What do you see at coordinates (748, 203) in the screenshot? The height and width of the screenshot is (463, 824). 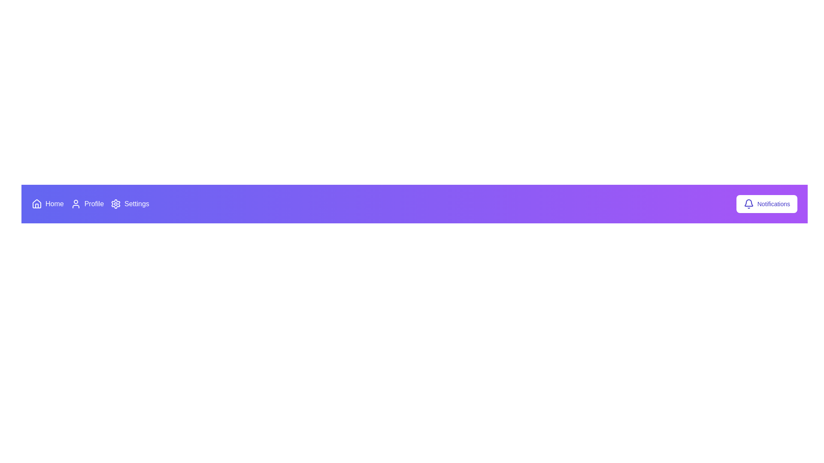 I see `middle curved part of the notification bell icon located near the top-right corner of the interface, which is part of the button labeled 'Notifications'` at bounding box center [748, 203].